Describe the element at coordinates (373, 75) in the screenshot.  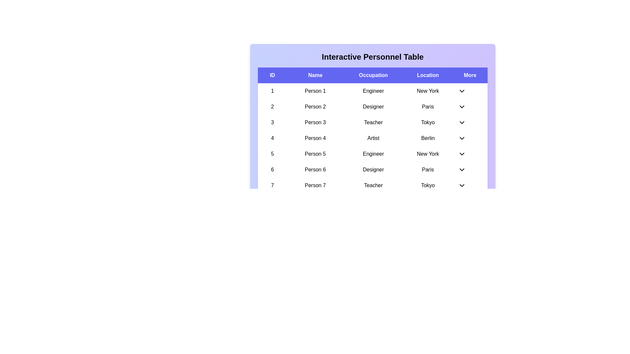
I see `the column header Occupation to sort the table by that column` at that location.